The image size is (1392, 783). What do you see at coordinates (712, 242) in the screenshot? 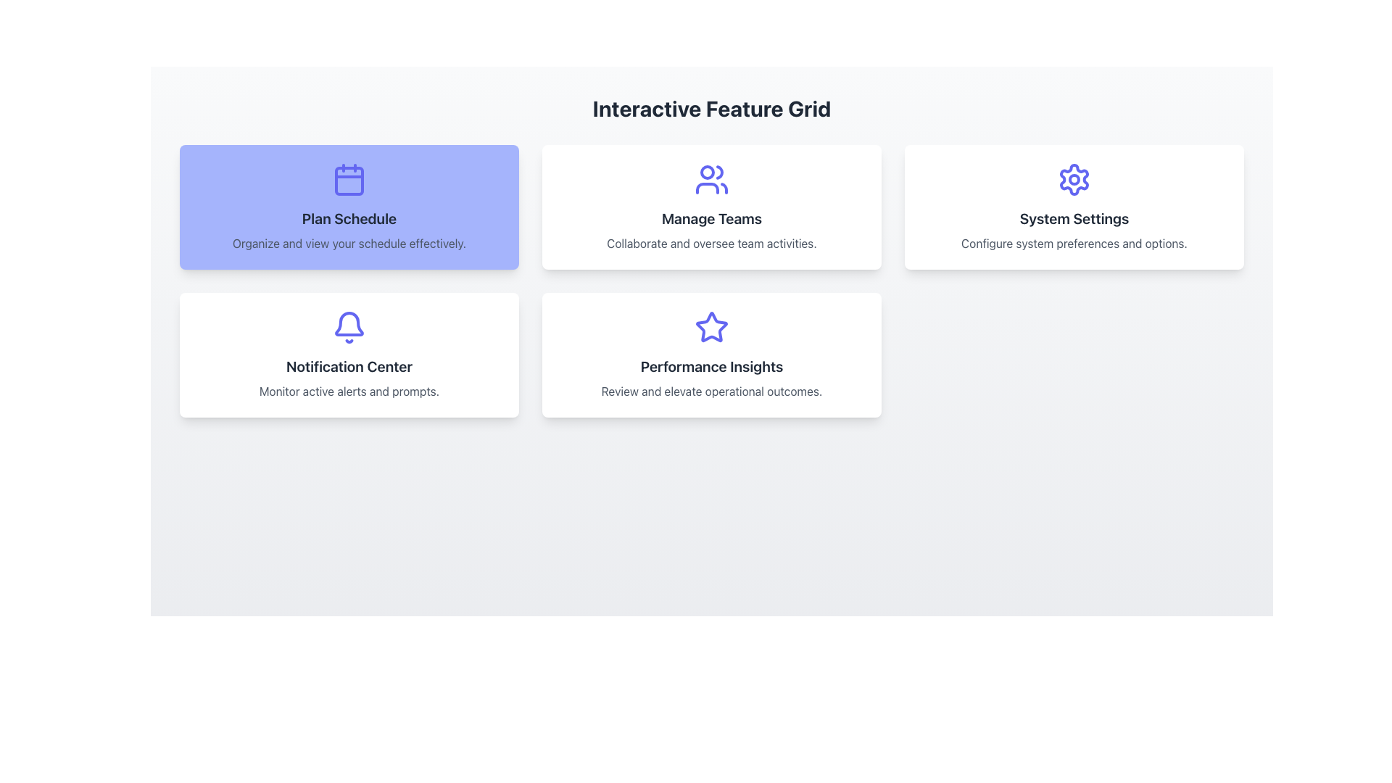
I see `explanatory subtitle text located below the title 'Manage Teams' within the 'Manage Teams' card` at bounding box center [712, 242].